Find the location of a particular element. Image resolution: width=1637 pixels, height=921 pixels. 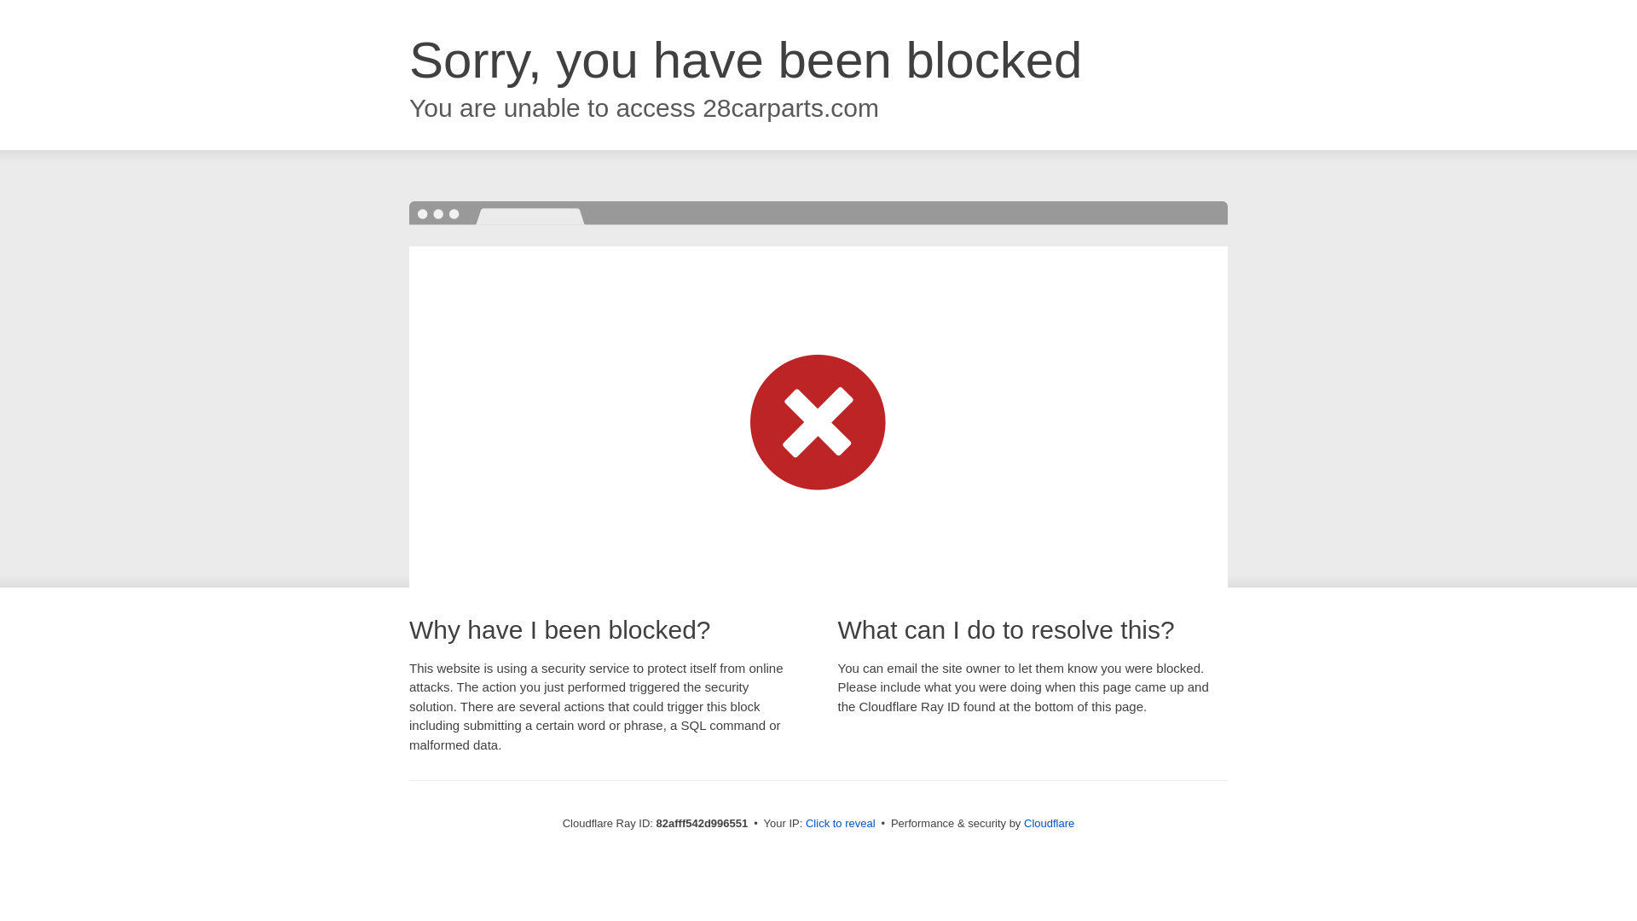

'Cloudflare' is located at coordinates (1048, 822).